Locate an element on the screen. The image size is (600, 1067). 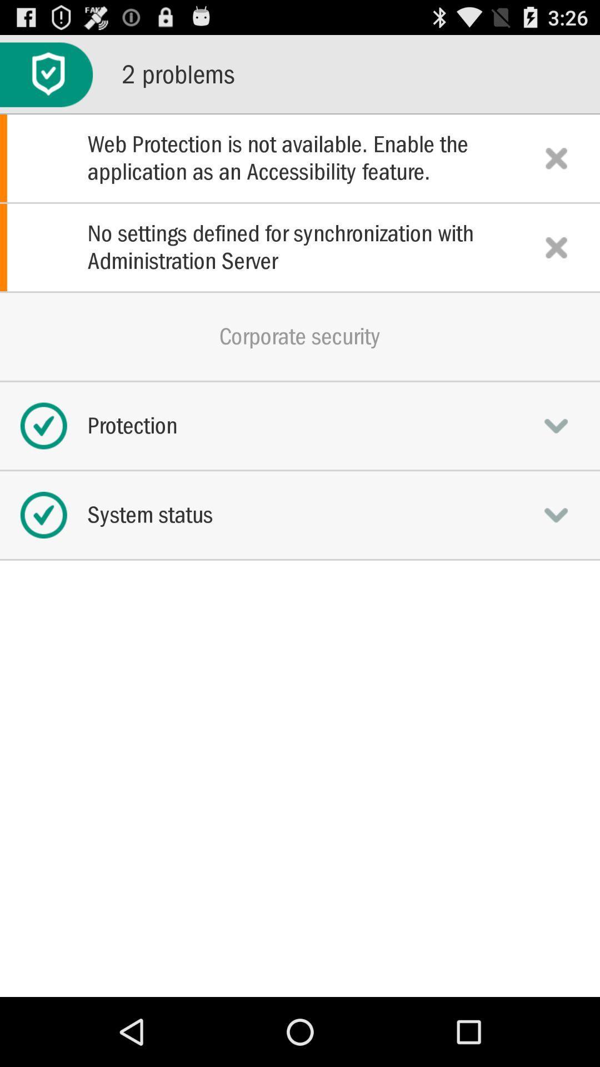
the item above the corporate security icon is located at coordinates (300, 247).